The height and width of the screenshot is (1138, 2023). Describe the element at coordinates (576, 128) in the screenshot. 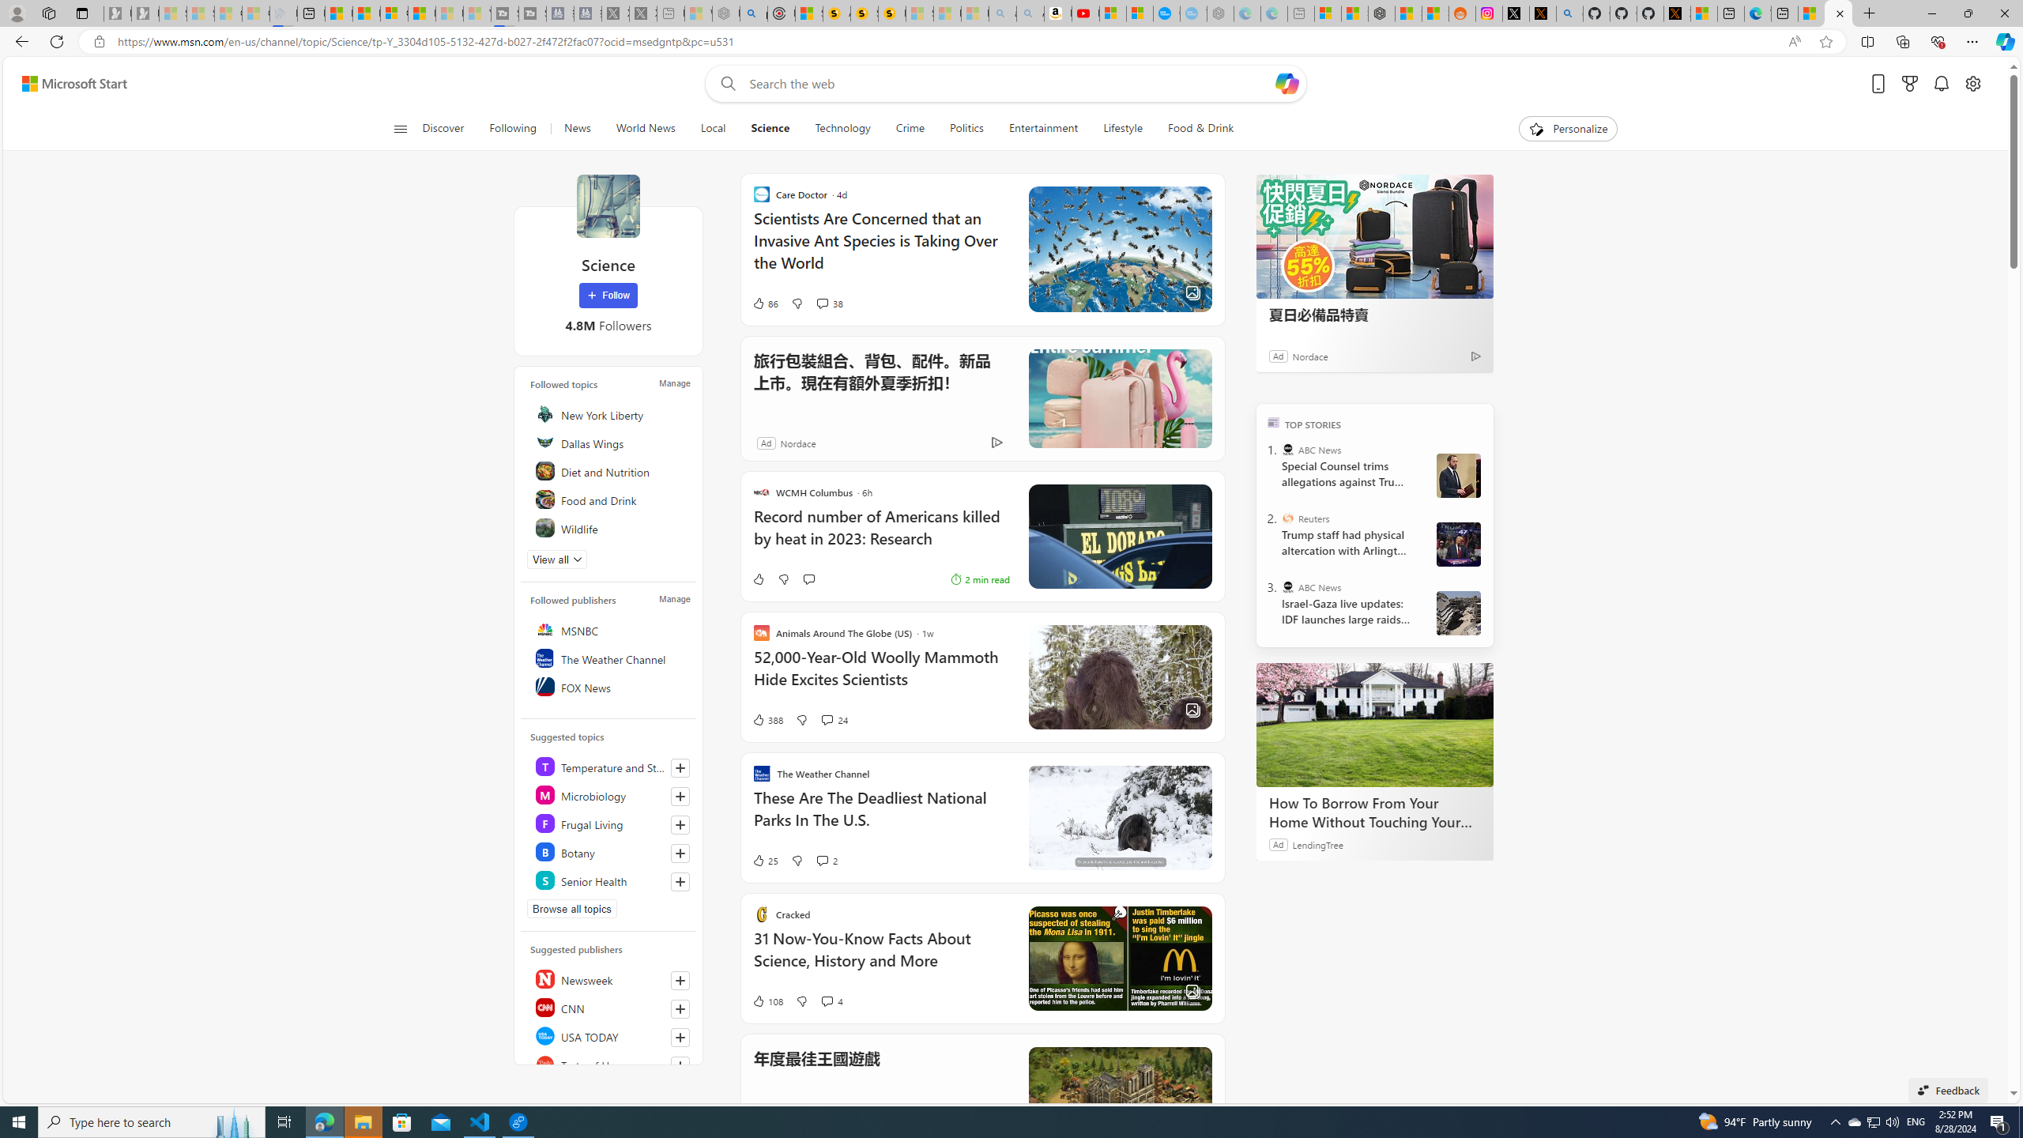

I see `'News'` at that location.